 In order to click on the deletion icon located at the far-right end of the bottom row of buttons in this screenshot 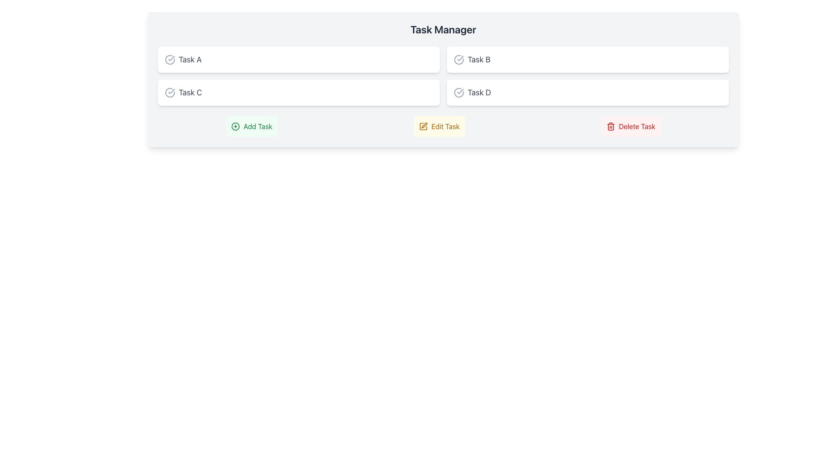, I will do `click(610, 127)`.